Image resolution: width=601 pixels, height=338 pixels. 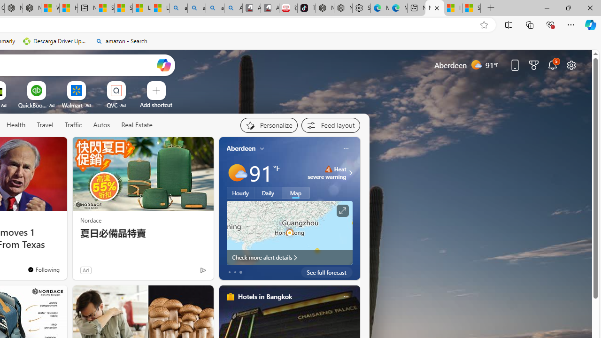 I want to click on 'Amazon Echo Robot - Search Images', so click(x=233, y=8).